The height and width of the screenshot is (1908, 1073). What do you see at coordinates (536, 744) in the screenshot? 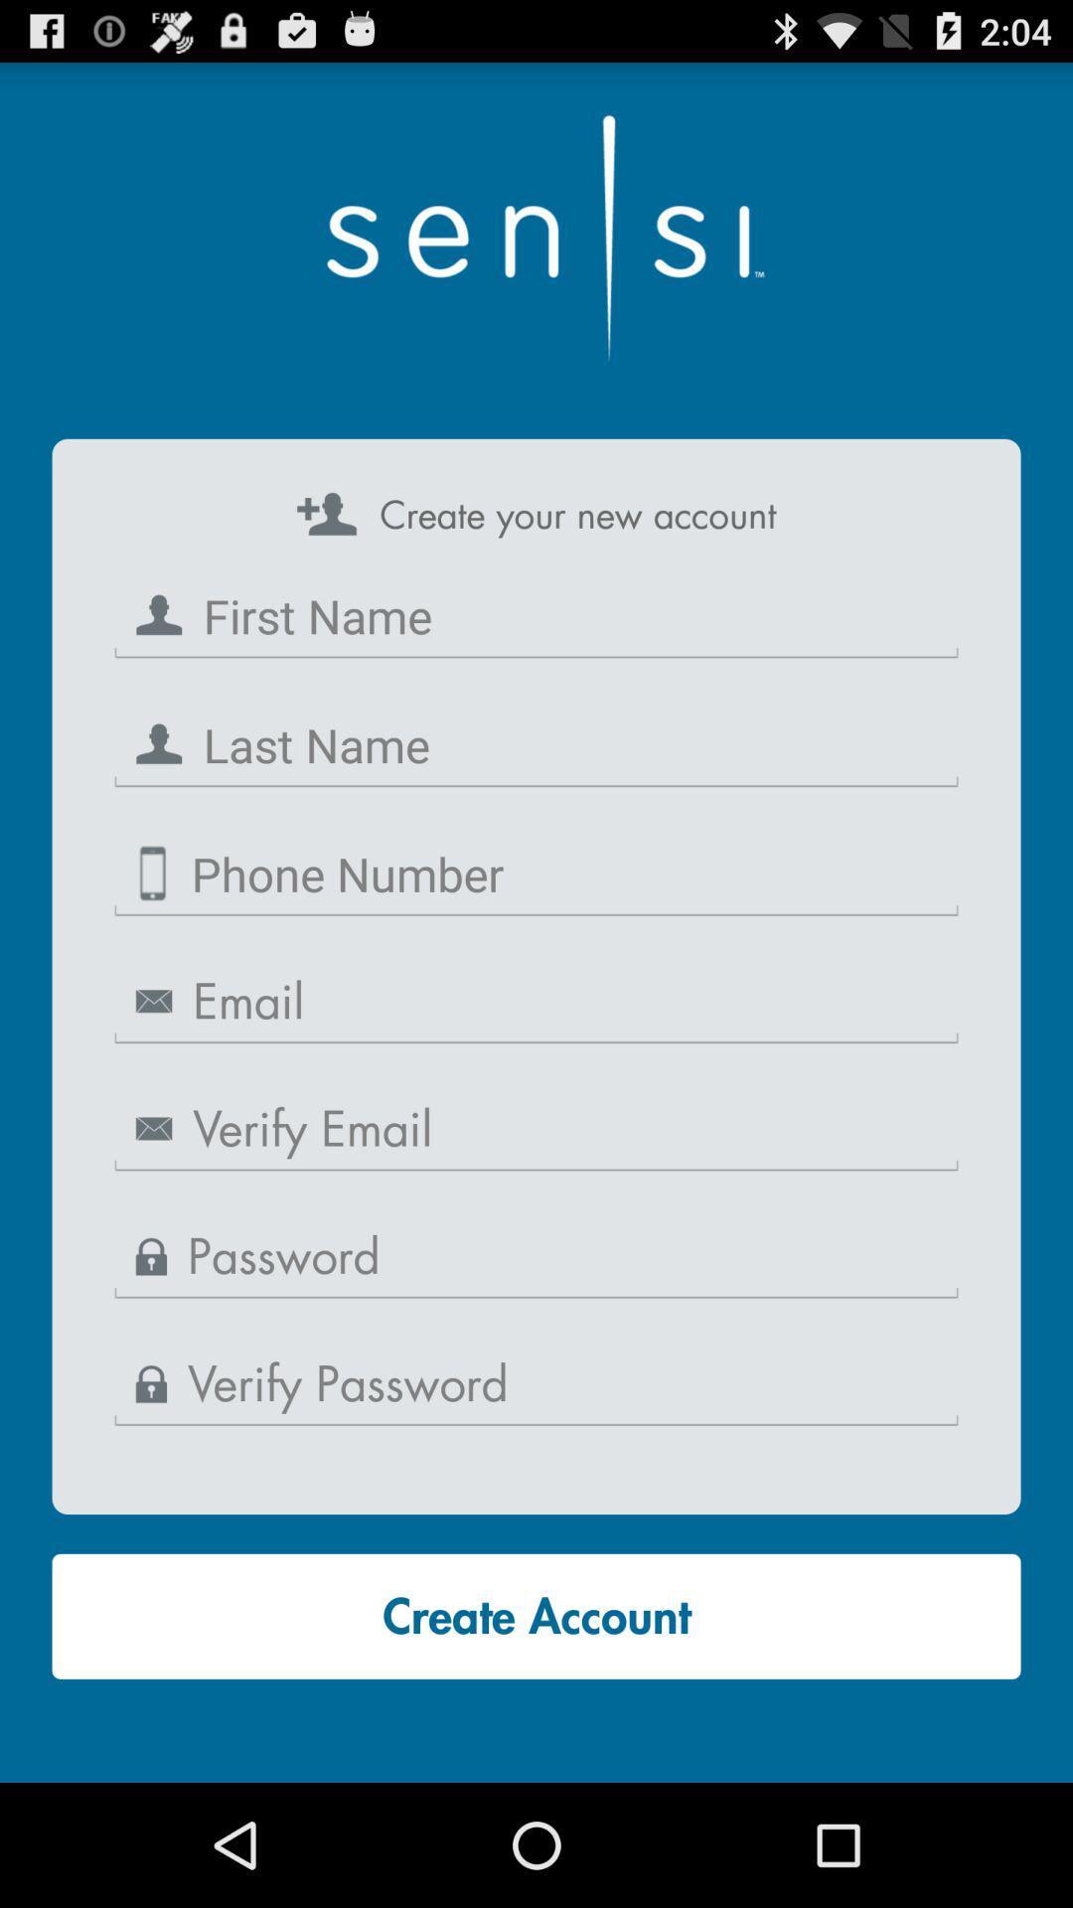
I see `input information` at bounding box center [536, 744].